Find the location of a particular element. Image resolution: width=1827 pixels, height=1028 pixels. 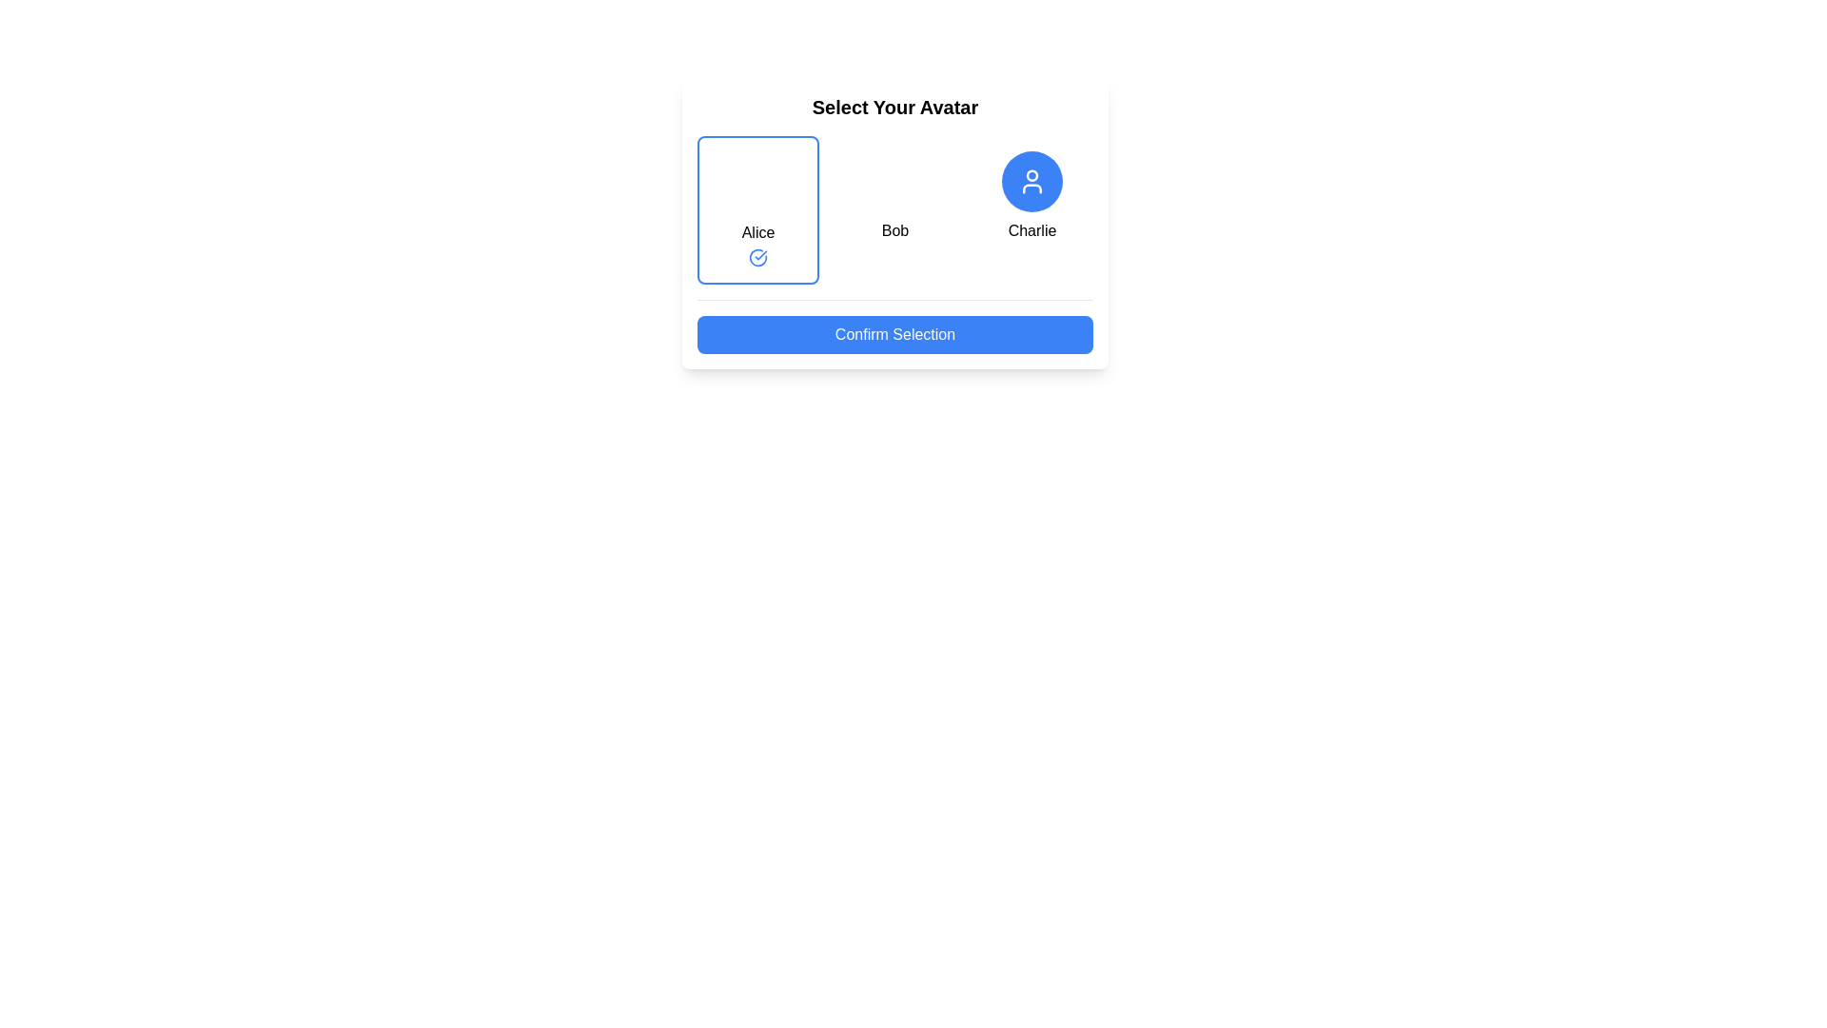

the bold text element displaying 'Select Your Avatar' at the top center of the card is located at coordinates (894, 107).